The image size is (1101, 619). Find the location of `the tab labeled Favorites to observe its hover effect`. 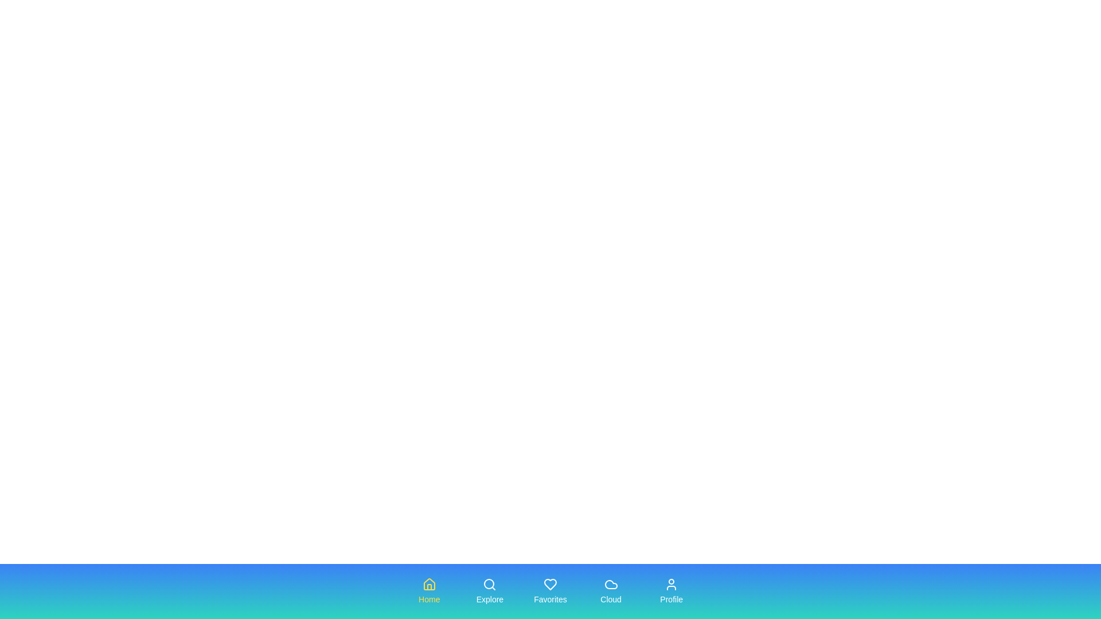

the tab labeled Favorites to observe its hover effect is located at coordinates (550, 591).